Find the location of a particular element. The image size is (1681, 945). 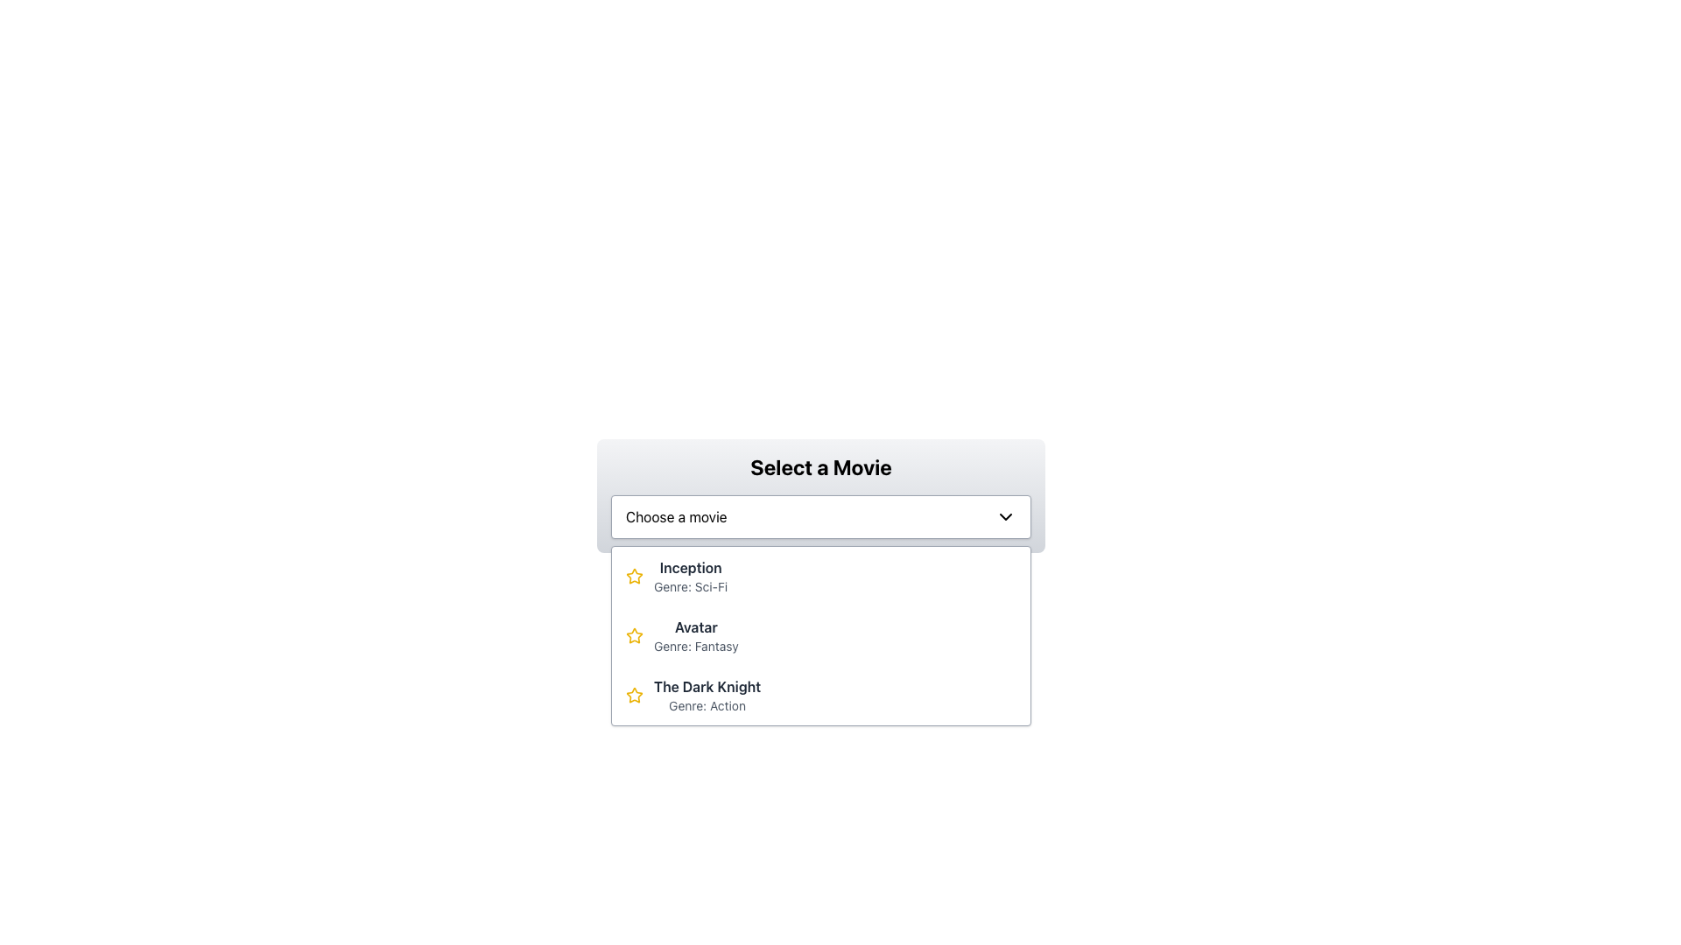

the title text of the movie 'Avatar' in the selectable list, which is positioned above the 'Genre: Fantasy' text and to the right of a star icon is located at coordinates (695, 626).